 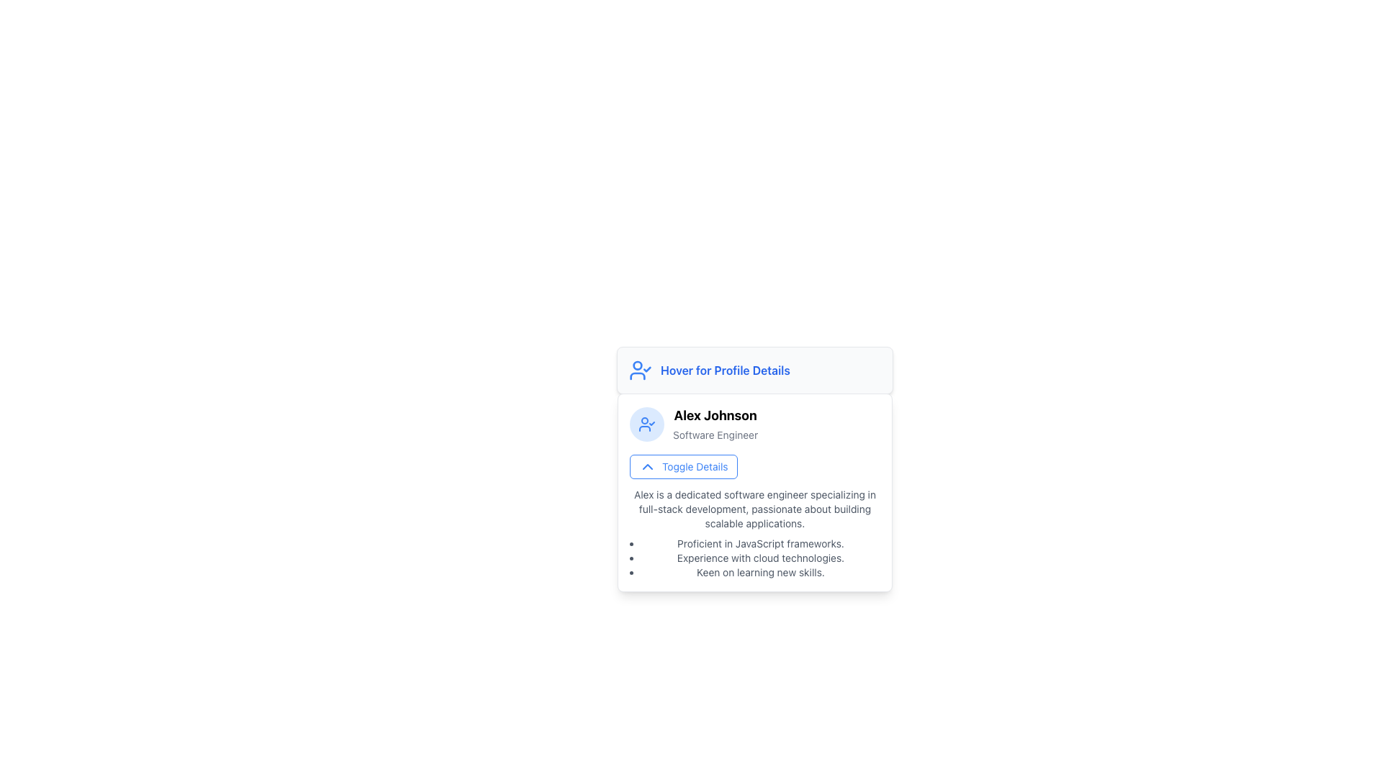 I want to click on the profile verification icon located to the left of the text 'Alex Johnson', which indicates the account's verified status, so click(x=646, y=424).